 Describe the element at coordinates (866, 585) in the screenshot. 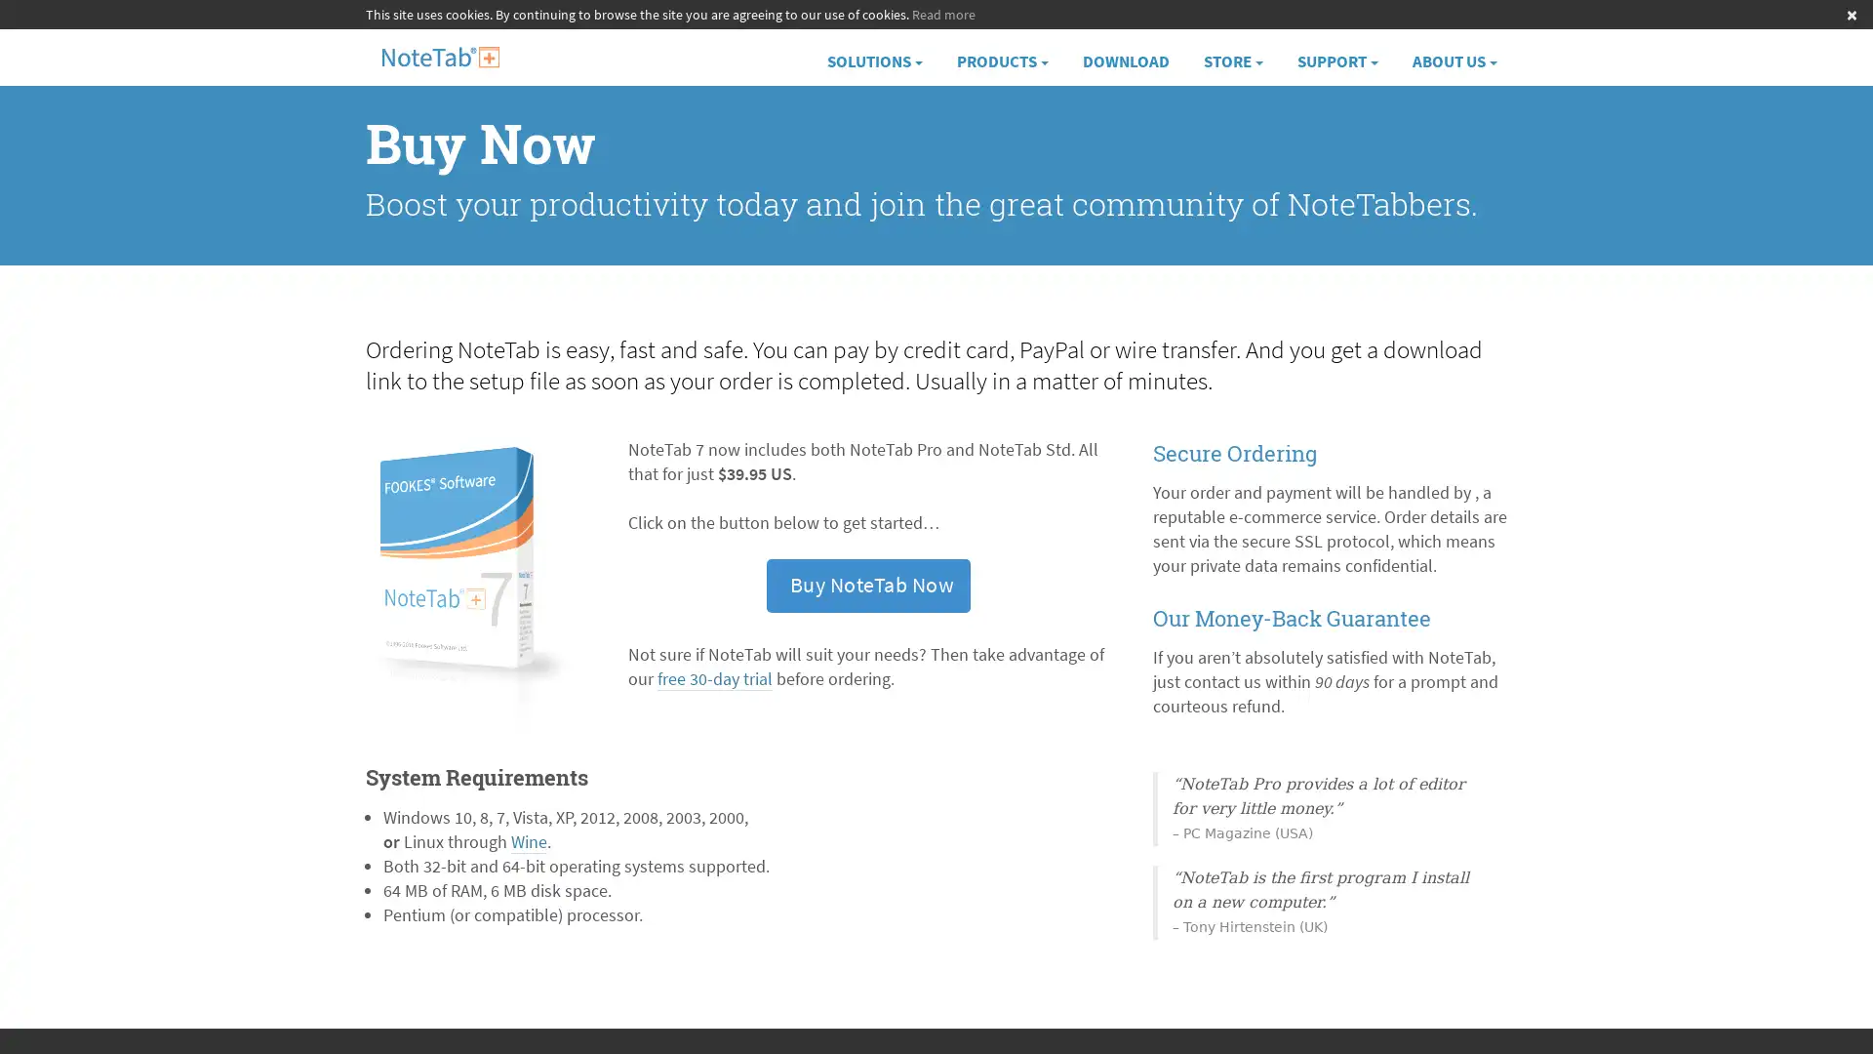

I see `Buy NoteTab Now` at that location.